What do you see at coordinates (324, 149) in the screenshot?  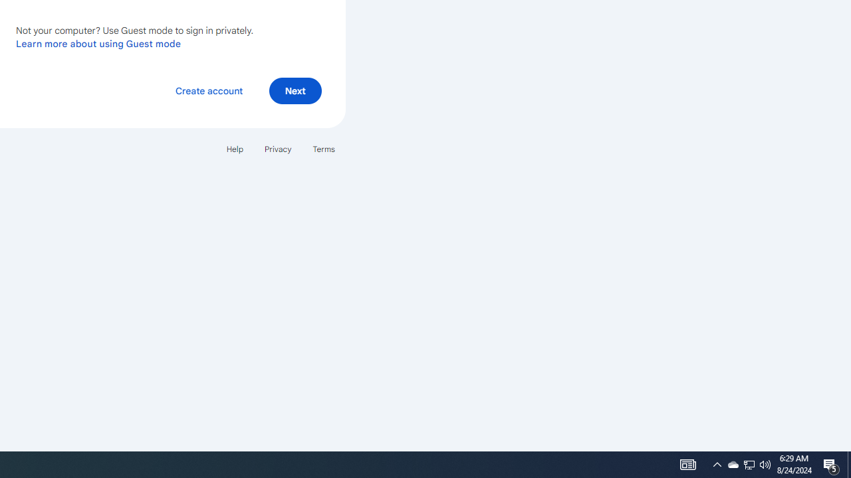 I see `'Terms'` at bounding box center [324, 149].